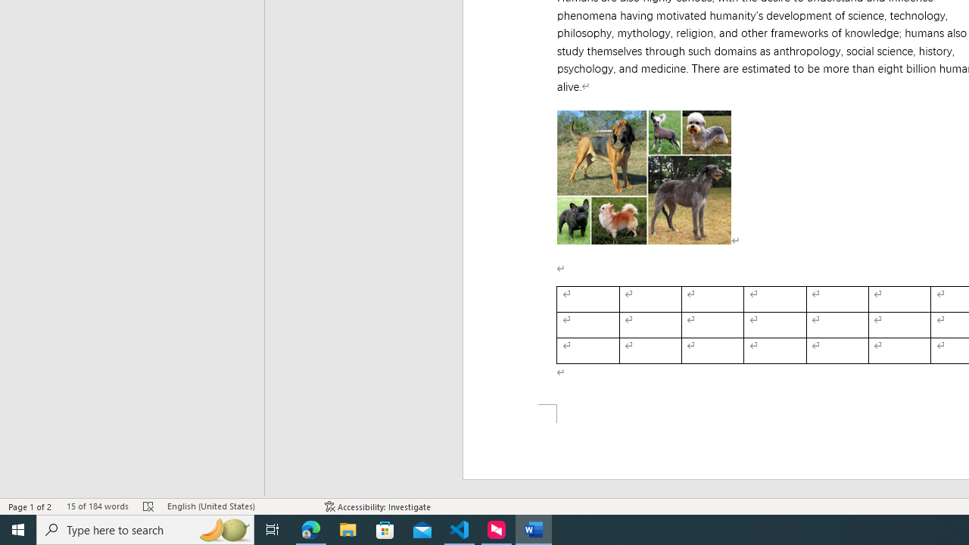 The height and width of the screenshot is (545, 969). I want to click on 'Page Number Page 1 of 2', so click(30, 506).